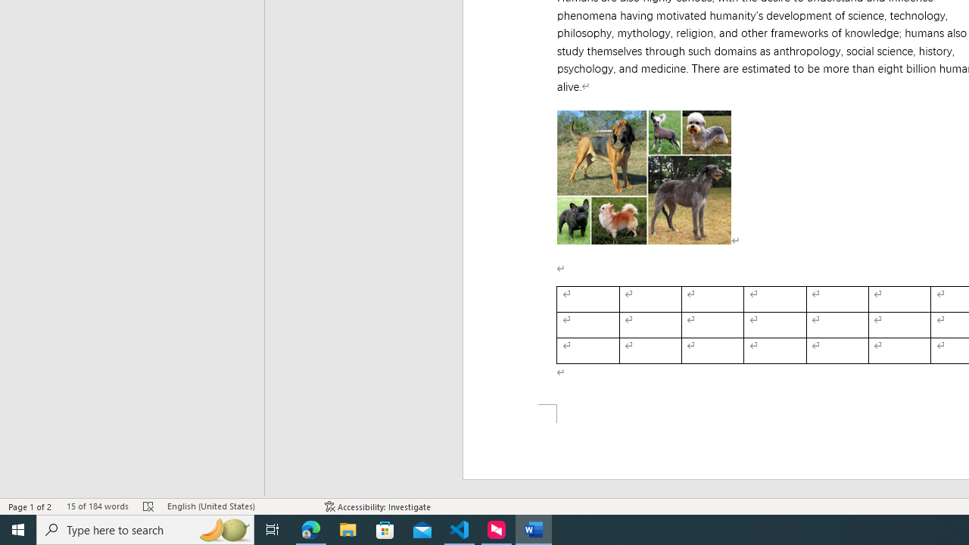 The height and width of the screenshot is (545, 969). I want to click on 'Page Number Page 1 of 2', so click(30, 506).